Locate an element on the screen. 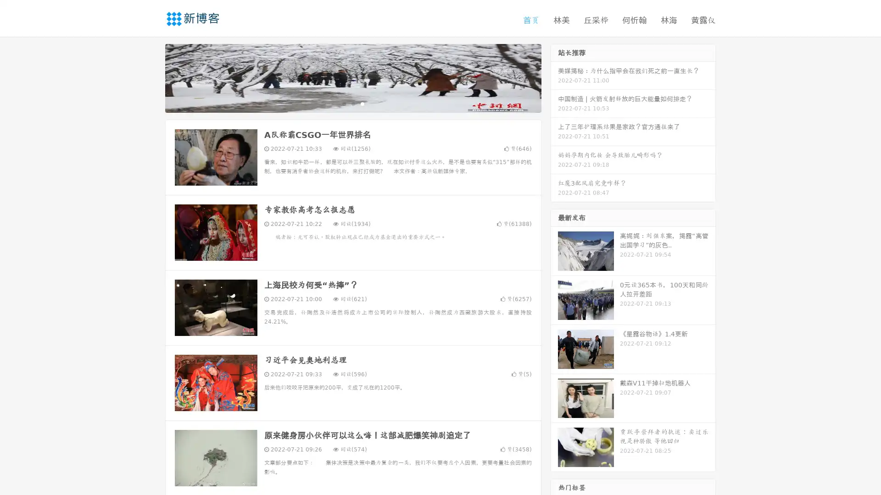 This screenshot has height=495, width=881. Previous slide is located at coordinates (151, 77).